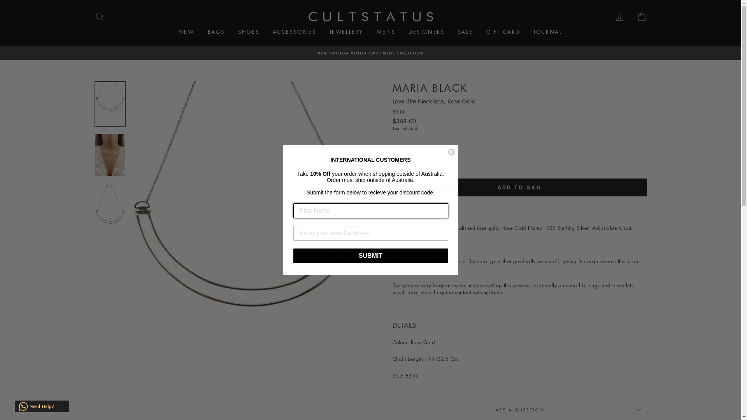 The height and width of the screenshot is (420, 747). What do you see at coordinates (89, 17) in the screenshot?
I see `'SEARCH'` at bounding box center [89, 17].